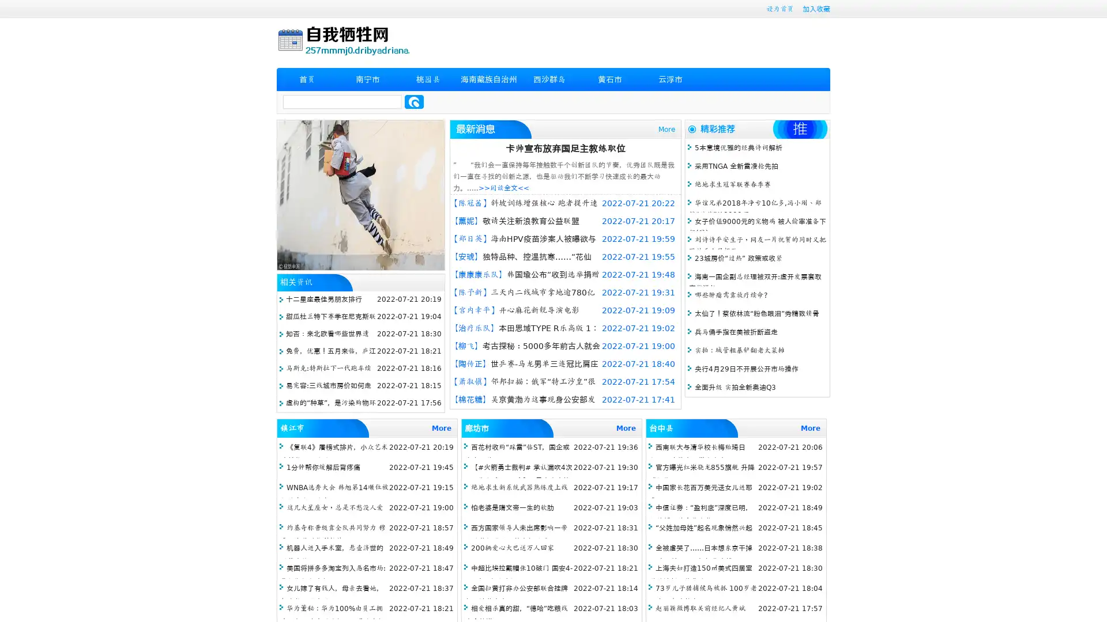 This screenshot has width=1107, height=622. I want to click on Search, so click(414, 101).